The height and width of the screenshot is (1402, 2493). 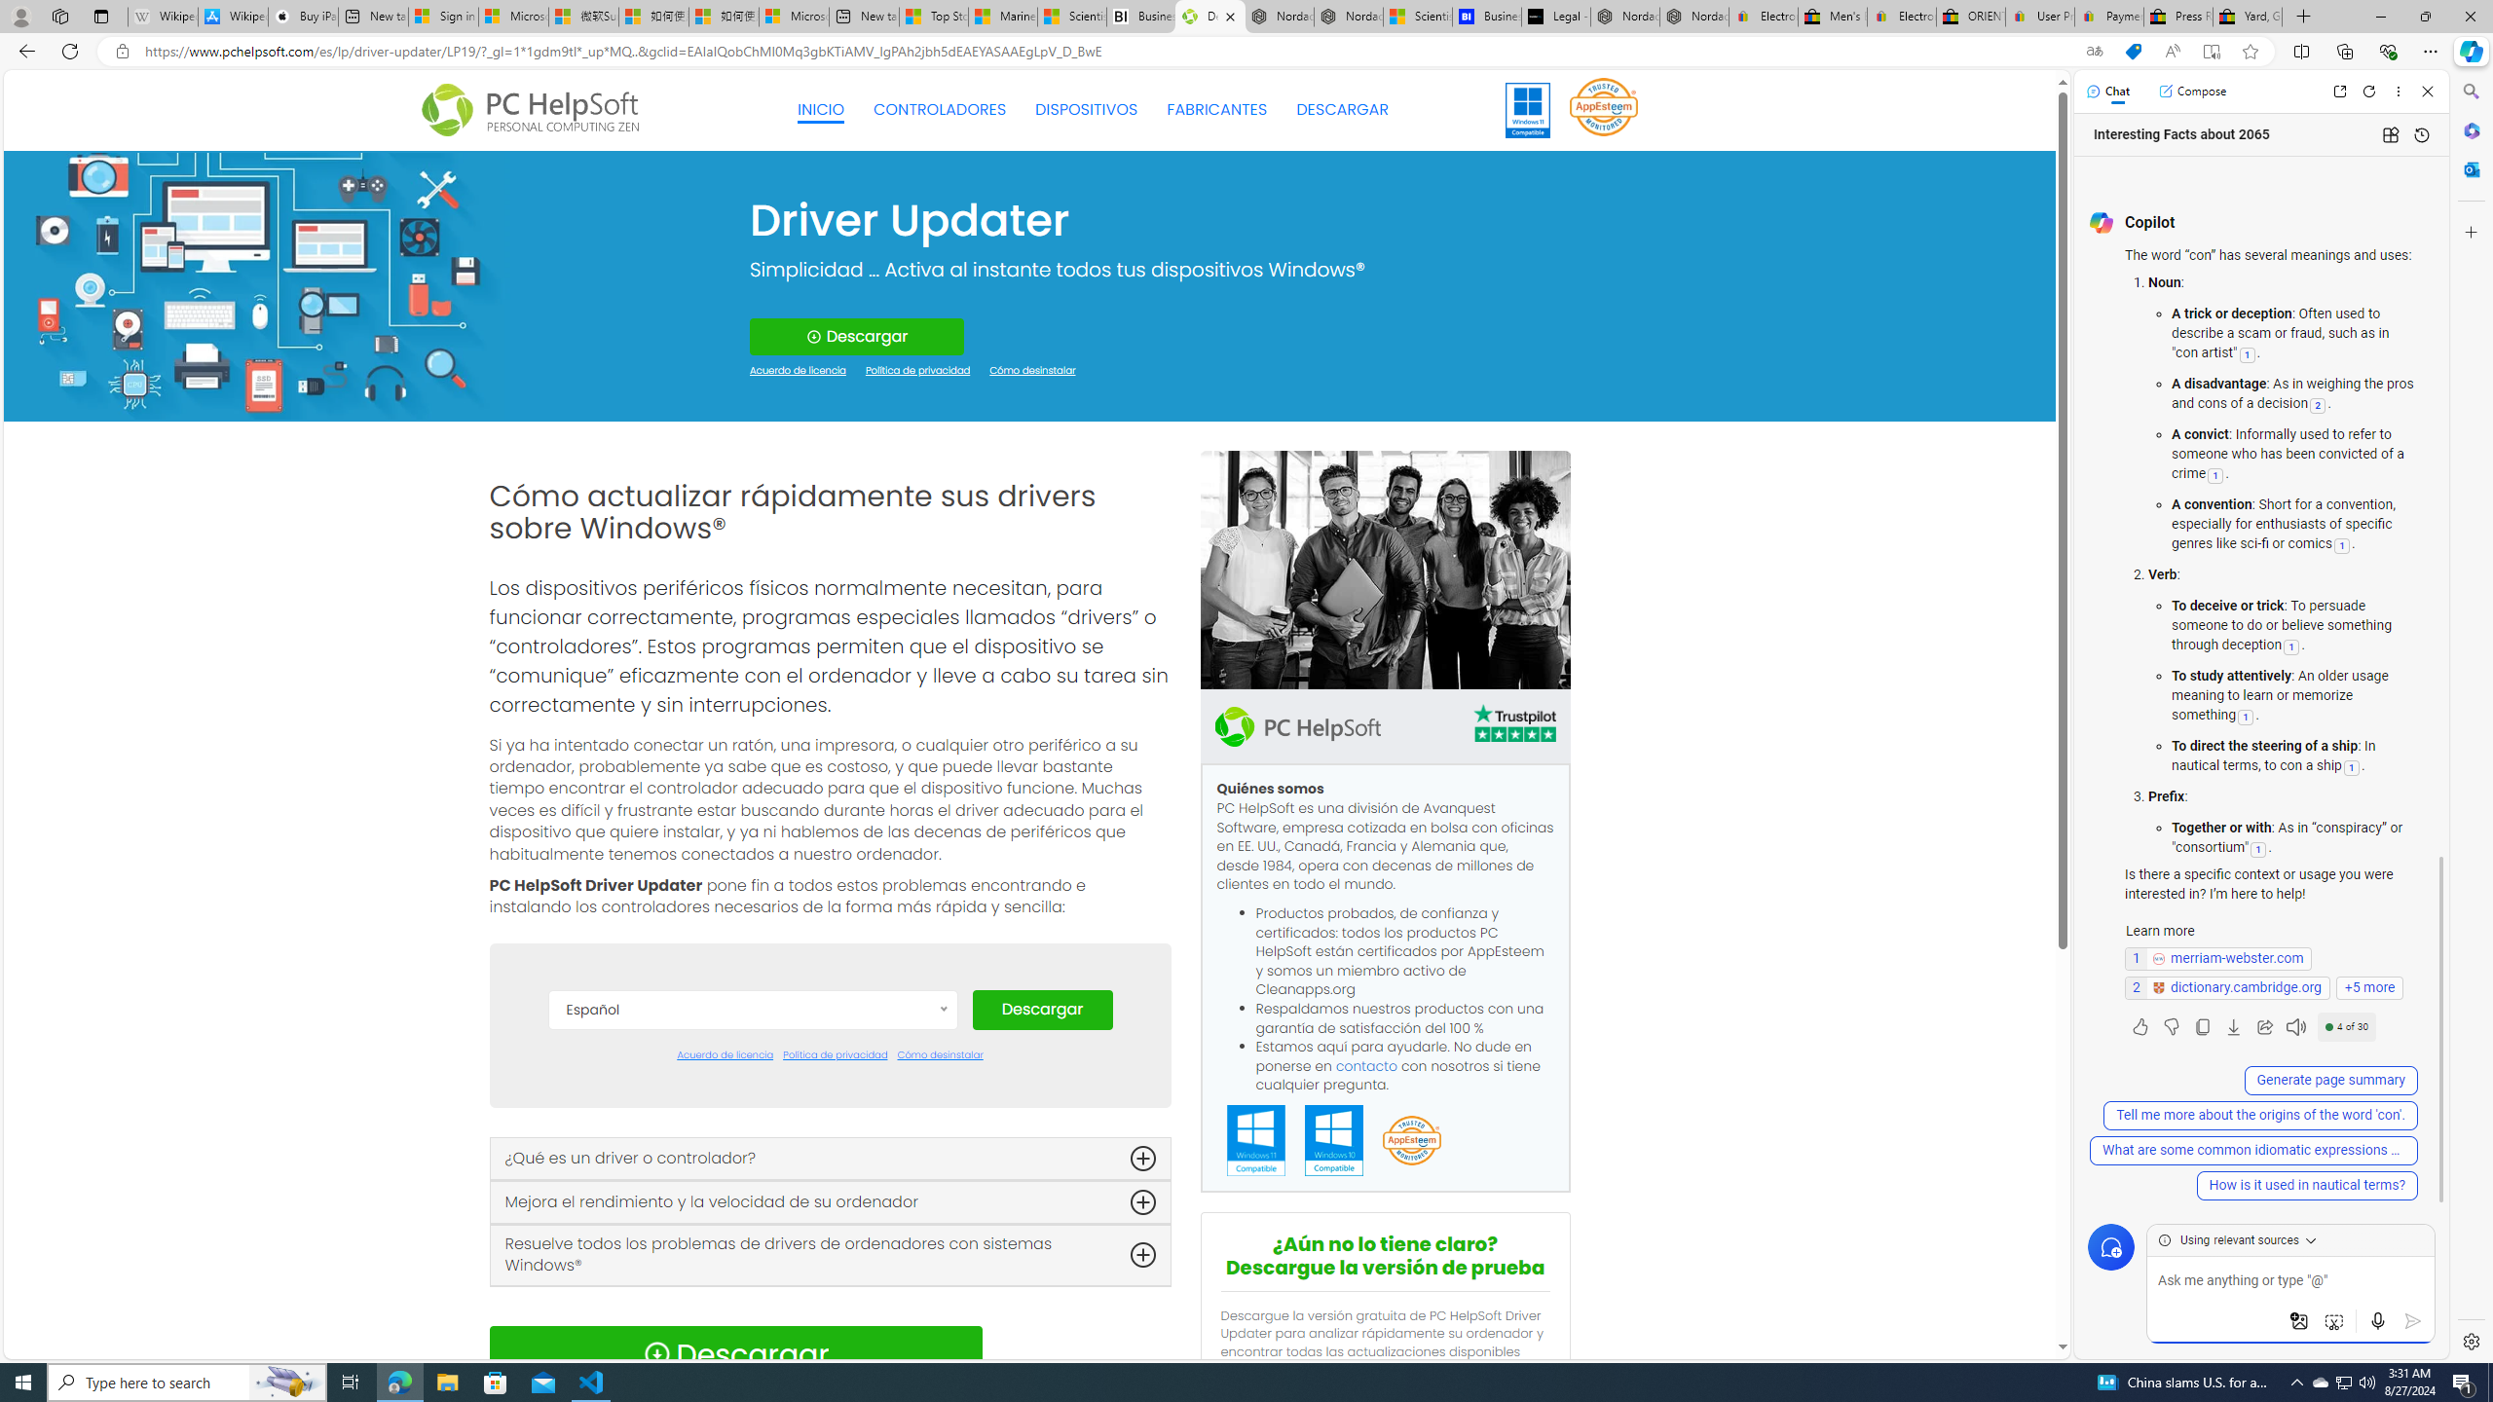 What do you see at coordinates (753, 1306) in the screenshot?
I see `'Nederlands'` at bounding box center [753, 1306].